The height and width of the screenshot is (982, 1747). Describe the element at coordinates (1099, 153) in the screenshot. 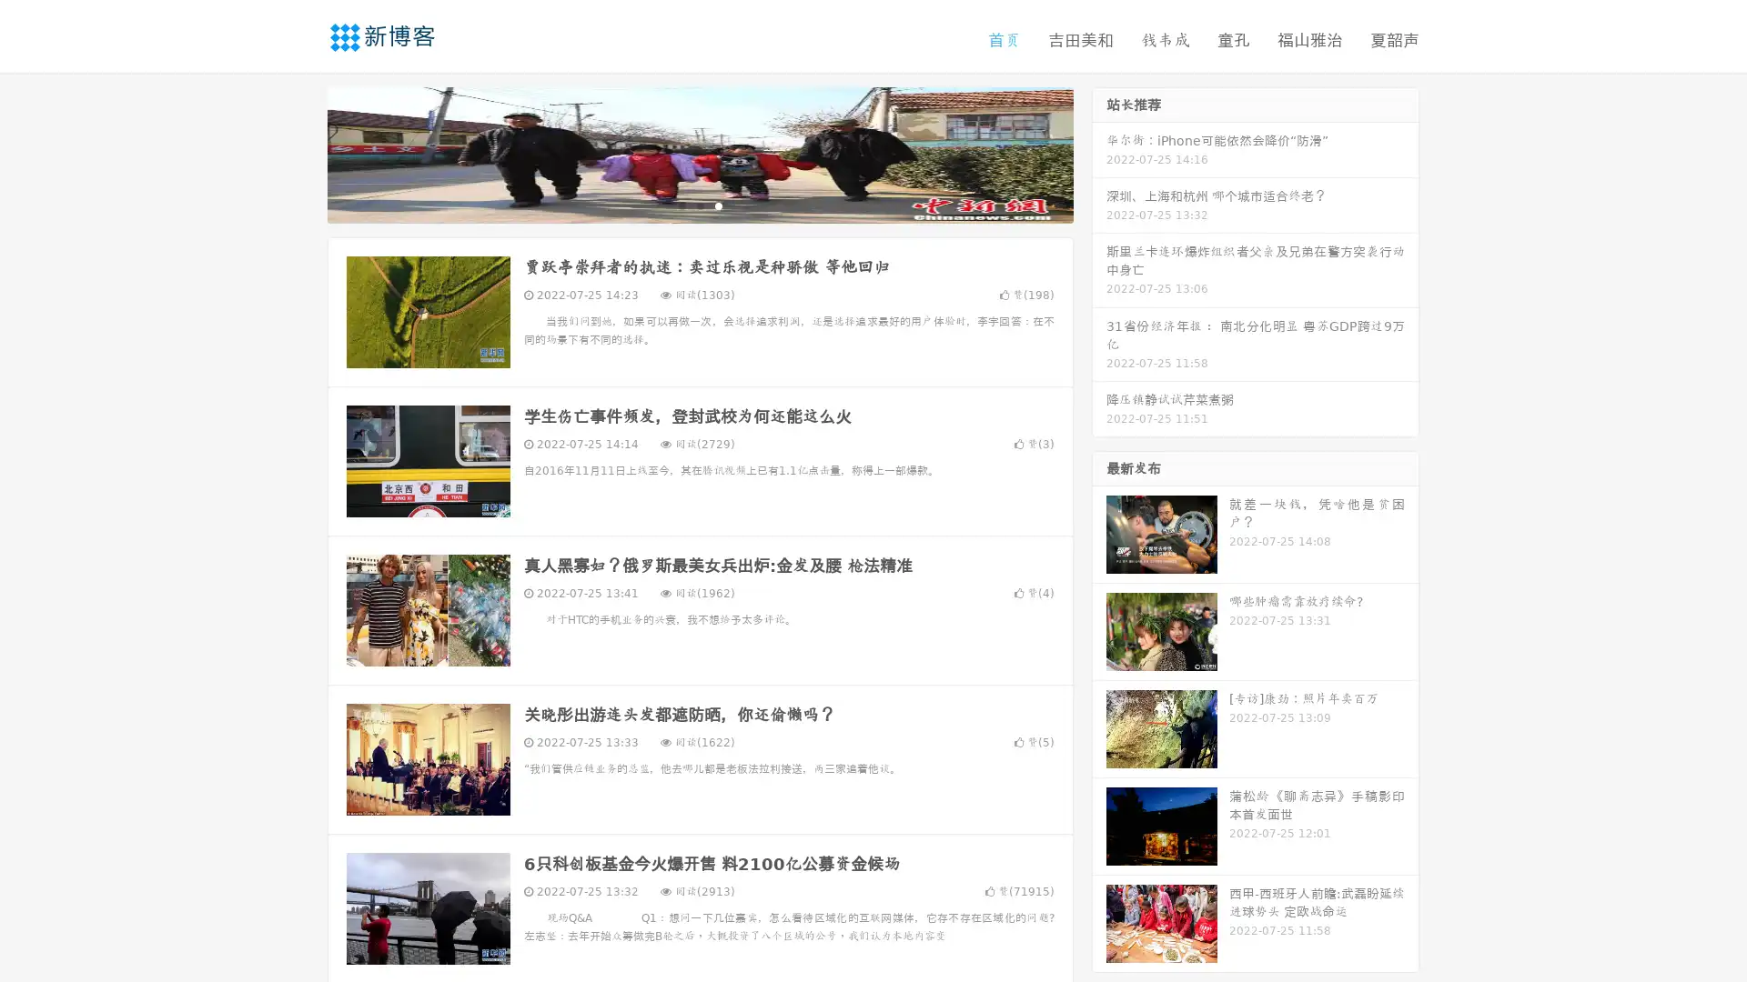

I see `Next slide` at that location.